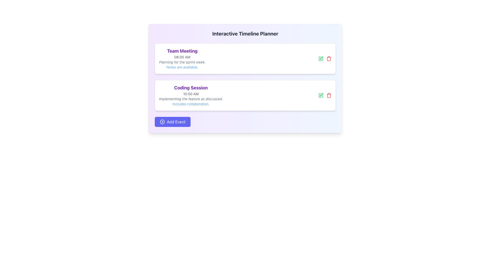 This screenshot has height=272, width=484. What do you see at coordinates (182, 67) in the screenshot?
I see `Text Label that provides additional information about the accessibility of notes for the meeting, located beneath the description text 'Planning for the sprint week.'` at bounding box center [182, 67].